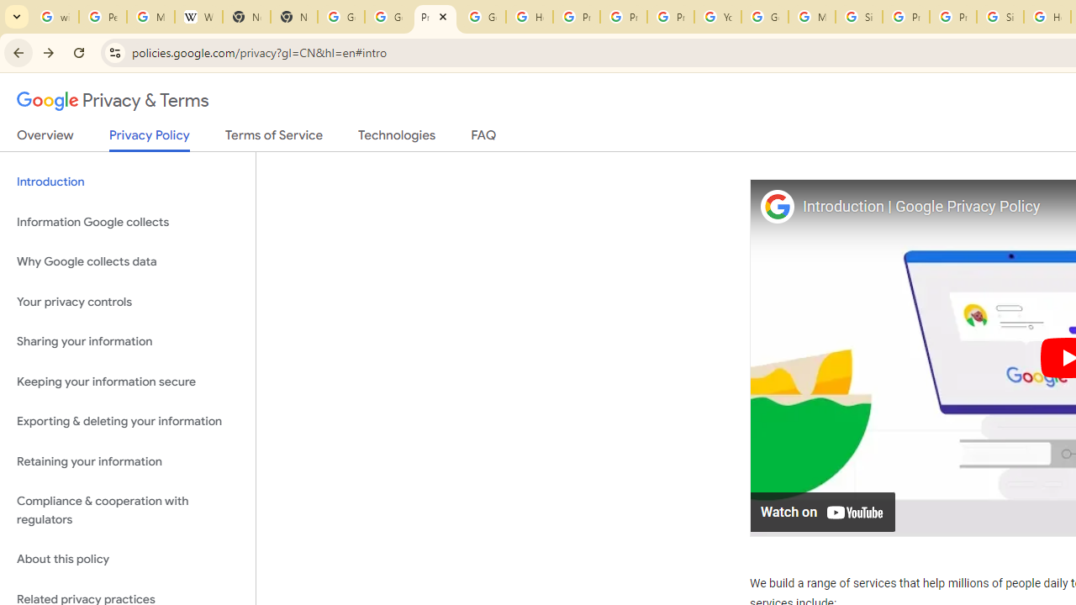 Image resolution: width=1076 pixels, height=605 pixels. I want to click on 'New Tab', so click(294, 17).